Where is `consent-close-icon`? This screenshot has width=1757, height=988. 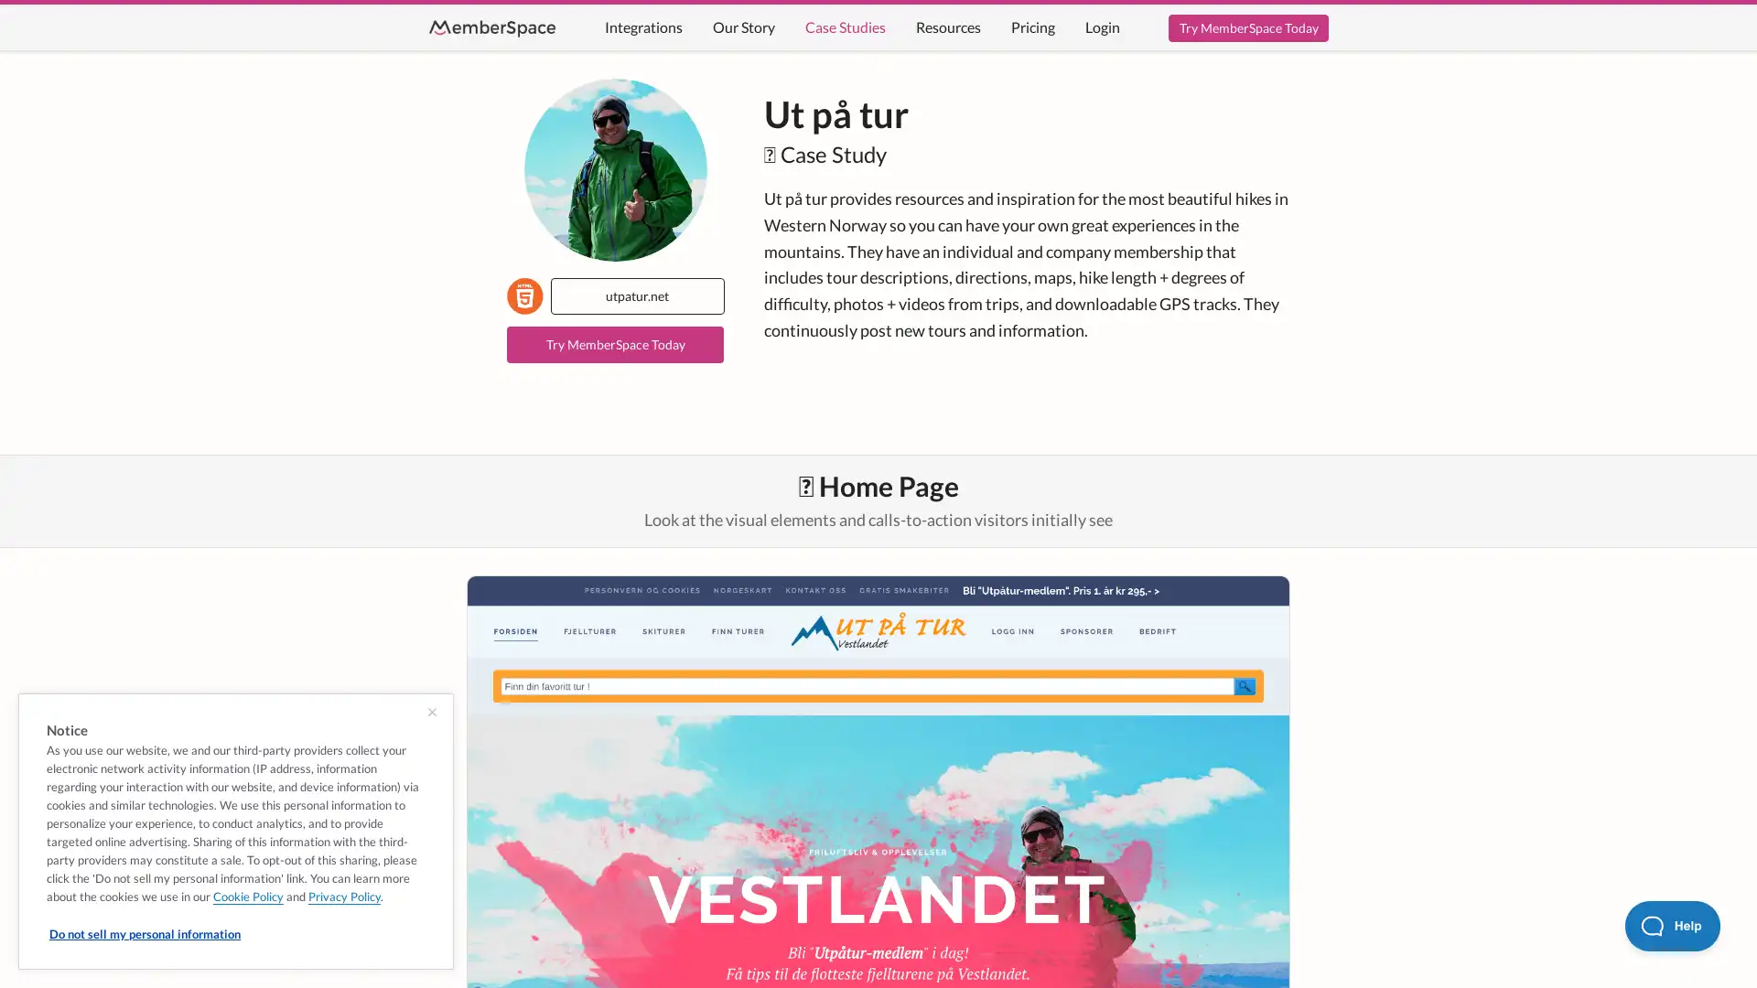 consent-close-icon is located at coordinates (431, 712).